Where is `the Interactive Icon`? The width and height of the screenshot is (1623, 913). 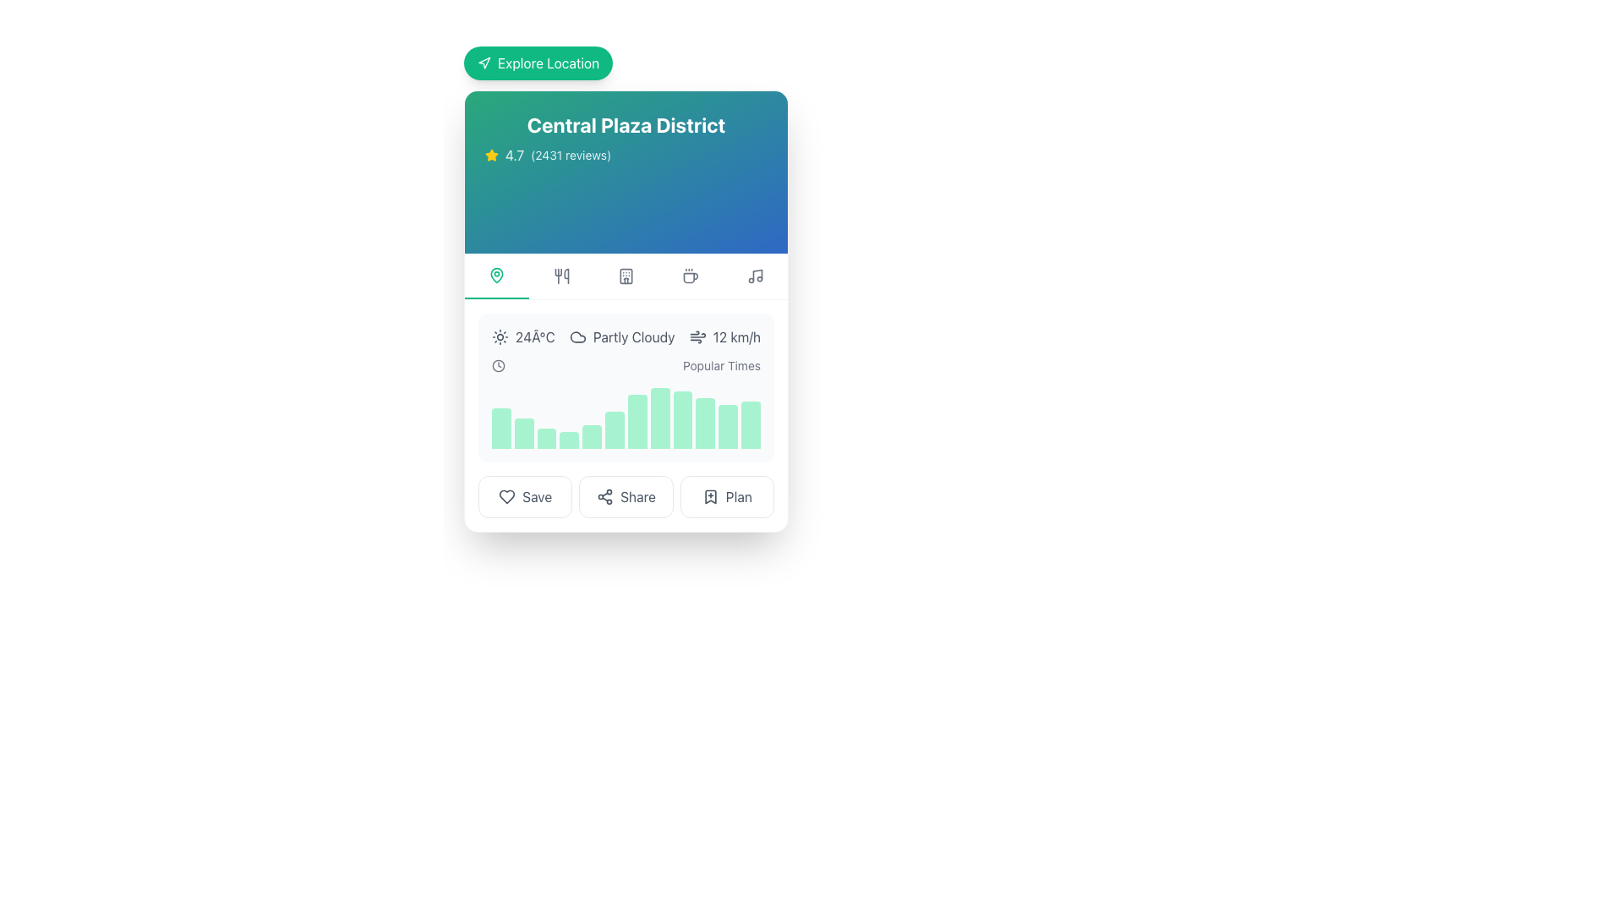
the Interactive Icon is located at coordinates (754, 276).